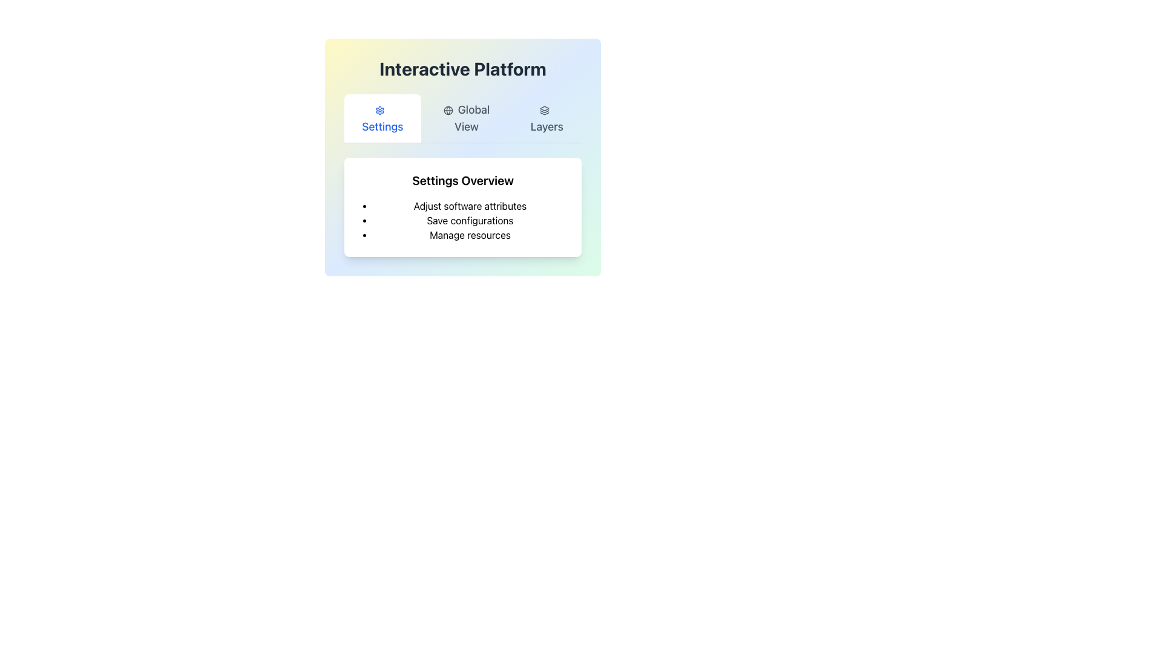 Image resolution: width=1162 pixels, height=653 pixels. What do you see at coordinates (470, 221) in the screenshot?
I see `the second item of the bullet list, 'Save configurations,' within the 'Settings Overview' box for further action` at bounding box center [470, 221].